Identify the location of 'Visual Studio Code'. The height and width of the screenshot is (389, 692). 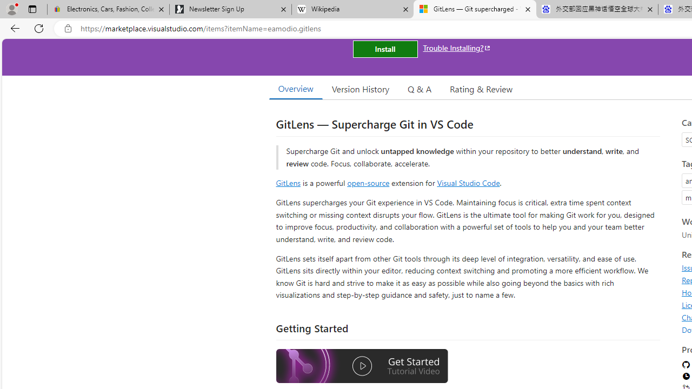
(468, 182).